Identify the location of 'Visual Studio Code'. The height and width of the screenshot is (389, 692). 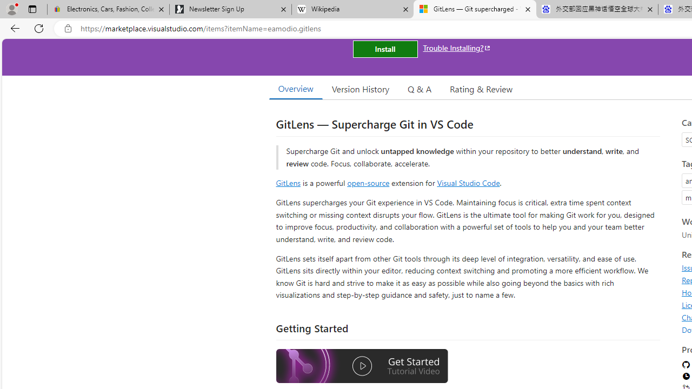
(468, 182).